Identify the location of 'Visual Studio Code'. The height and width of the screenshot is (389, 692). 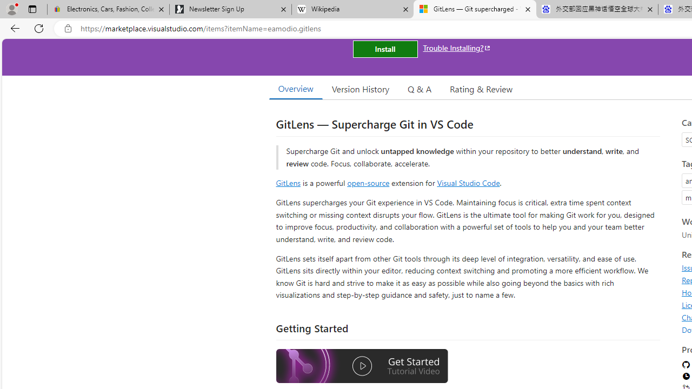
(468, 182).